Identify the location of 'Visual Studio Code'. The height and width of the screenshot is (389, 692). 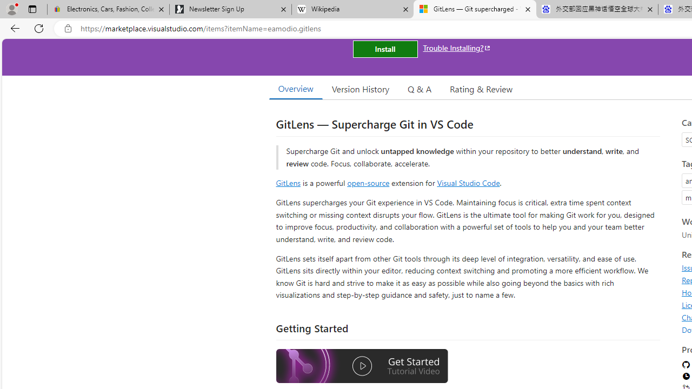
(468, 182).